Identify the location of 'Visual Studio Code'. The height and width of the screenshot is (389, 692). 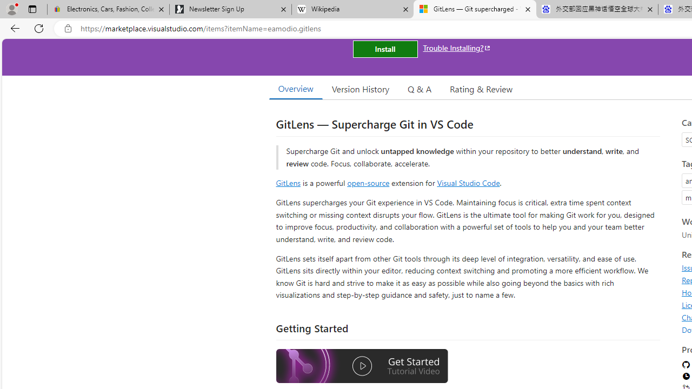
(468, 182).